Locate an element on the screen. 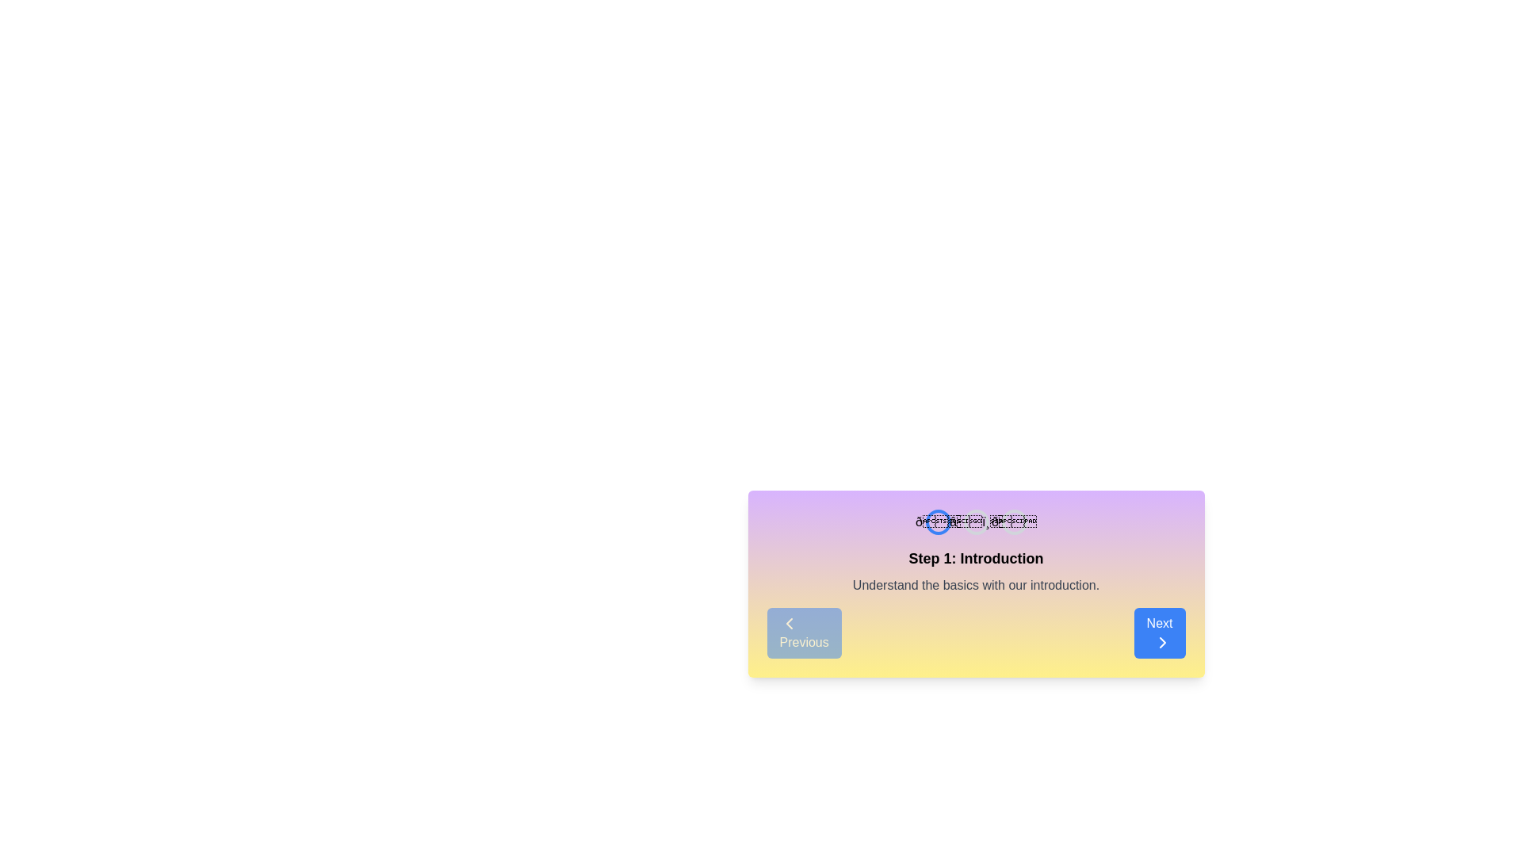 The width and height of the screenshot is (1522, 856). the first circular icon with a blue border containing a document emoji symbol ('📘'), which is positioned above the text 'Step 1: Introduction' is located at coordinates (938, 522).